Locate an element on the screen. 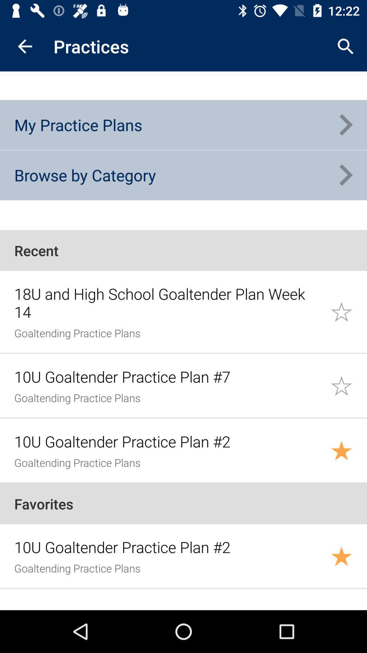  item above the recent is located at coordinates (85, 175).